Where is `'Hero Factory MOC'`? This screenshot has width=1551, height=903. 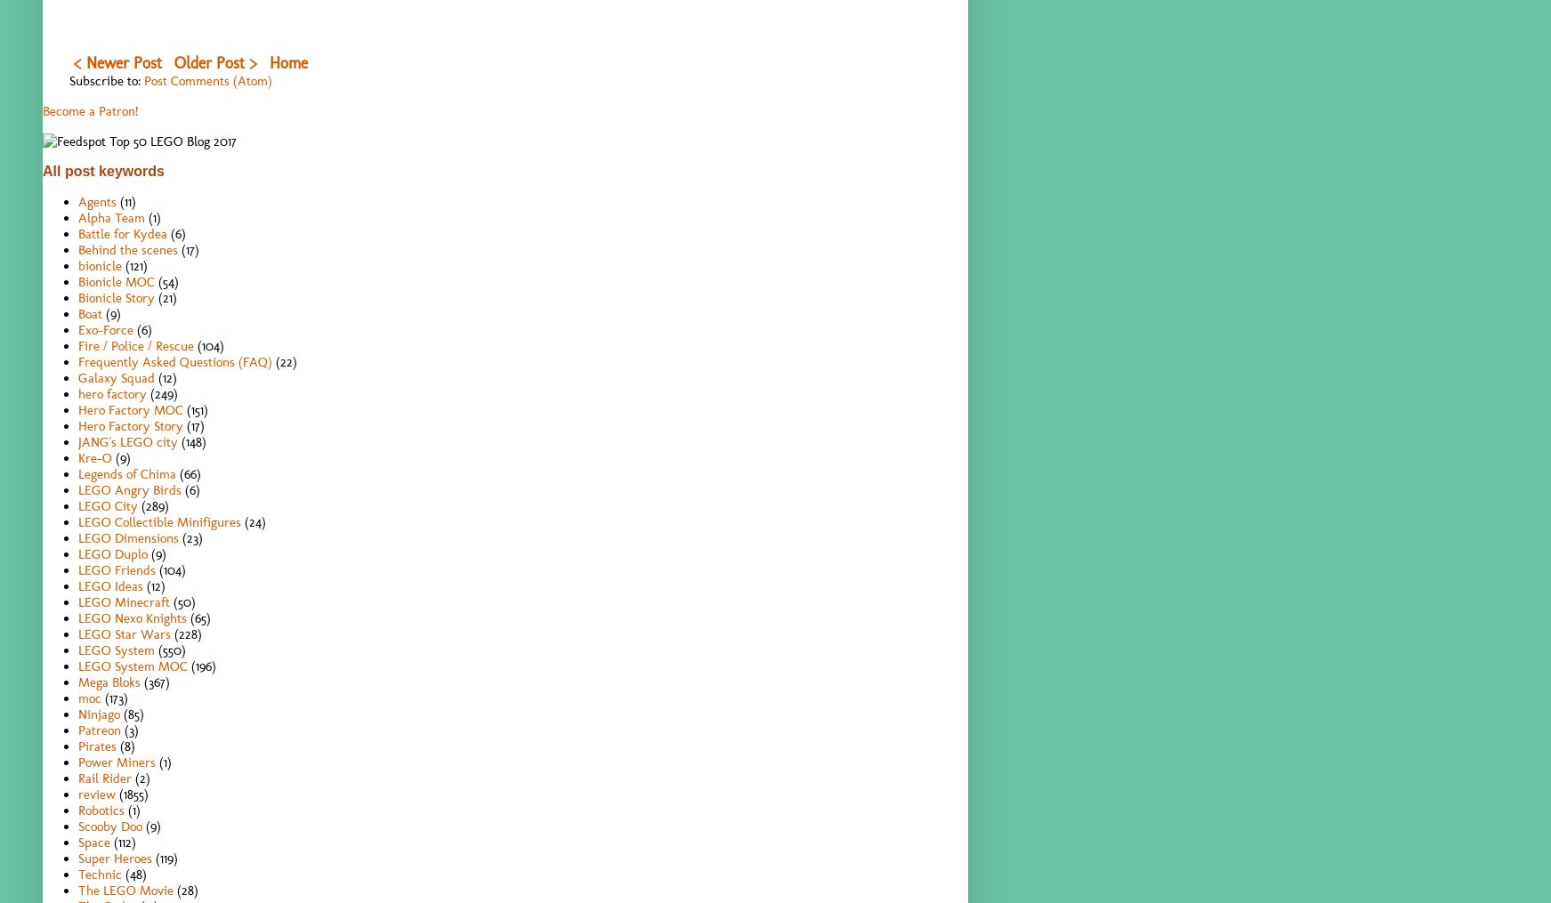
'Hero Factory MOC' is located at coordinates (130, 407).